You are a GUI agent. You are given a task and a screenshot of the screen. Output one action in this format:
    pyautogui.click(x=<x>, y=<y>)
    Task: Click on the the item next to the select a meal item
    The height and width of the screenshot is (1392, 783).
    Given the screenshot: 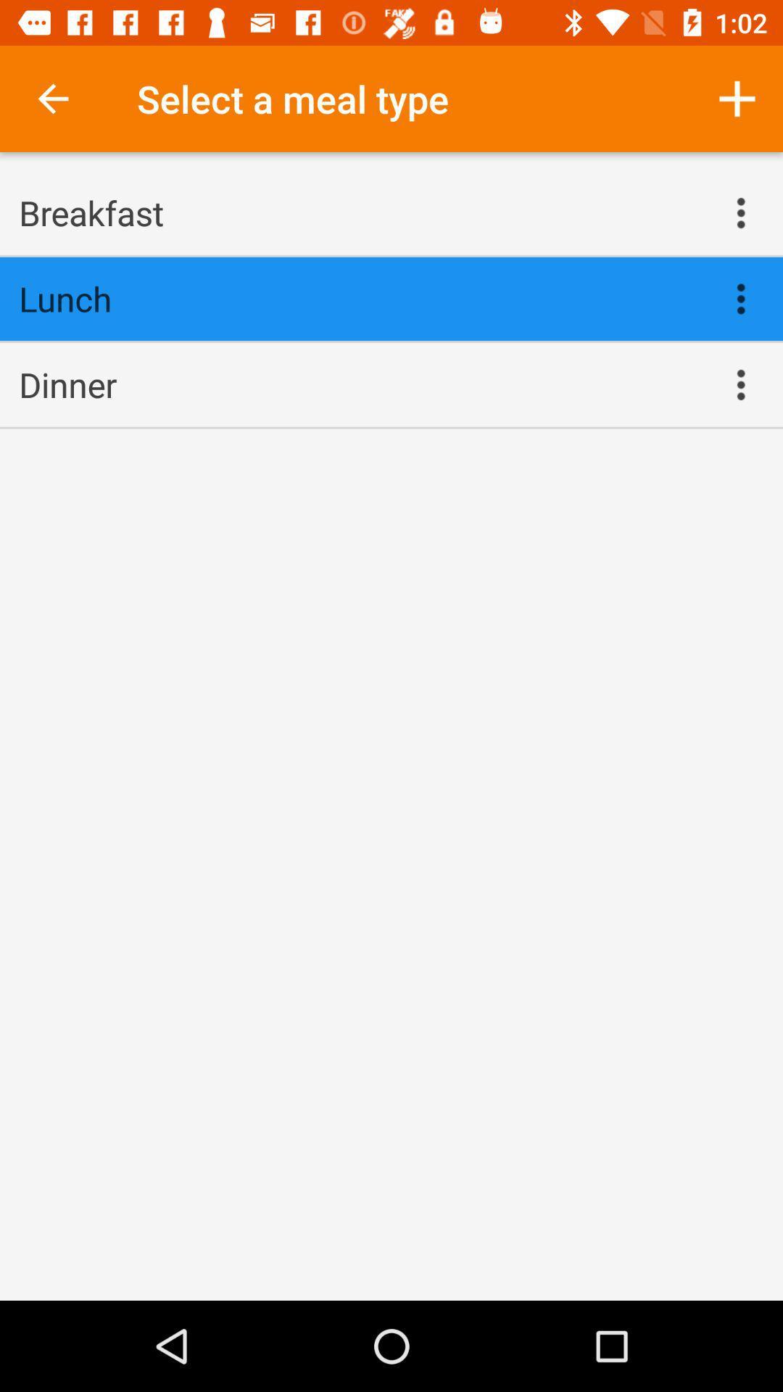 What is the action you would take?
    pyautogui.click(x=737, y=98)
    